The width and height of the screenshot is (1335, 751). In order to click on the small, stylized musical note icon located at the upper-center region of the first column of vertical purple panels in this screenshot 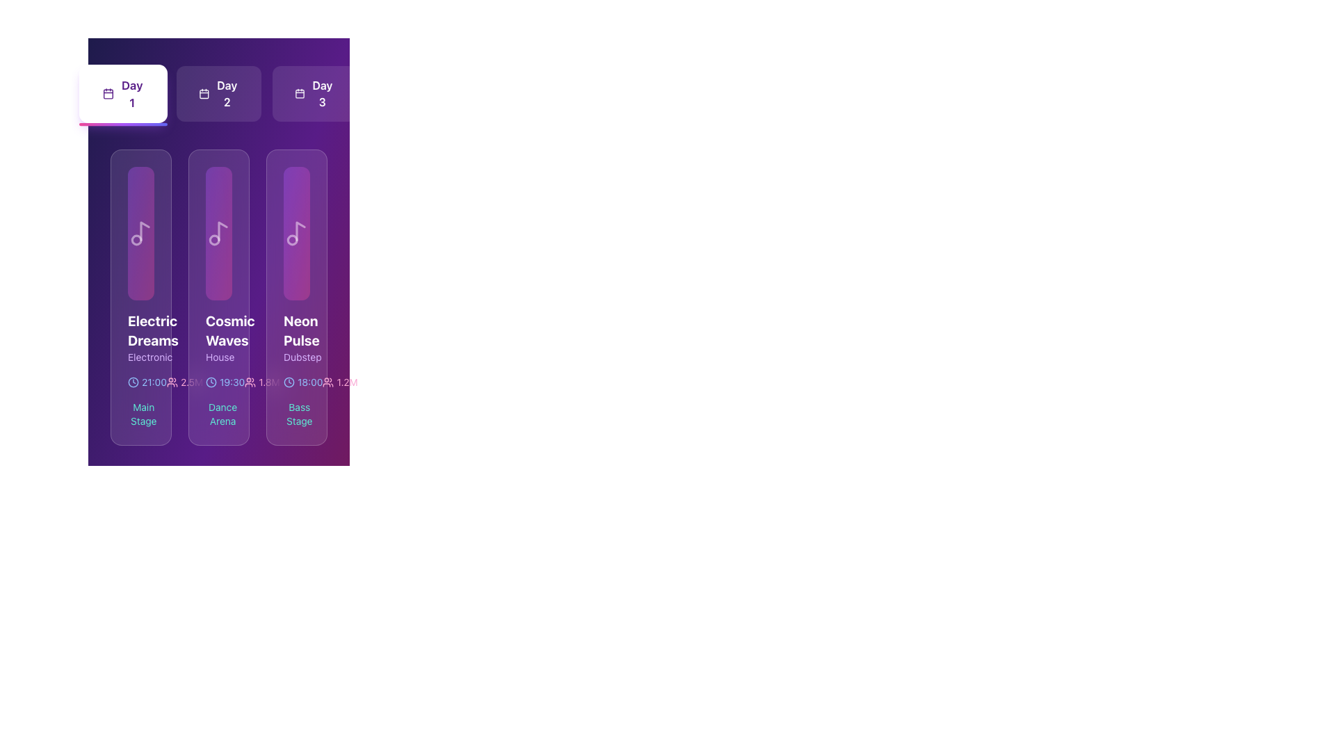, I will do `click(145, 230)`.